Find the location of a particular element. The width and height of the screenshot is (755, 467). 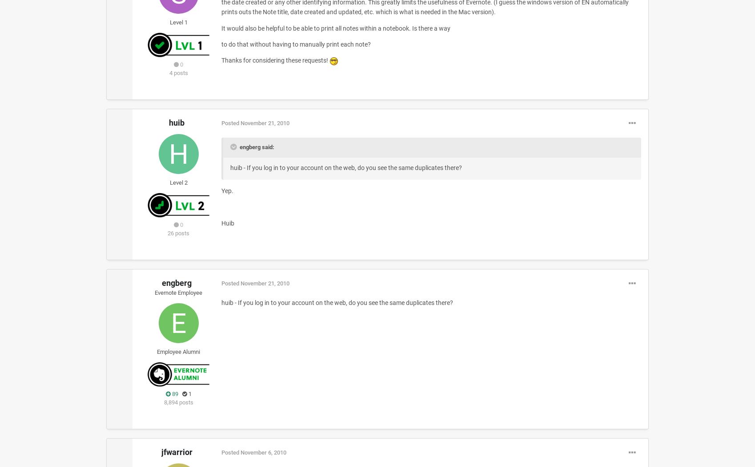

'November 6, 2010' is located at coordinates (263, 452).